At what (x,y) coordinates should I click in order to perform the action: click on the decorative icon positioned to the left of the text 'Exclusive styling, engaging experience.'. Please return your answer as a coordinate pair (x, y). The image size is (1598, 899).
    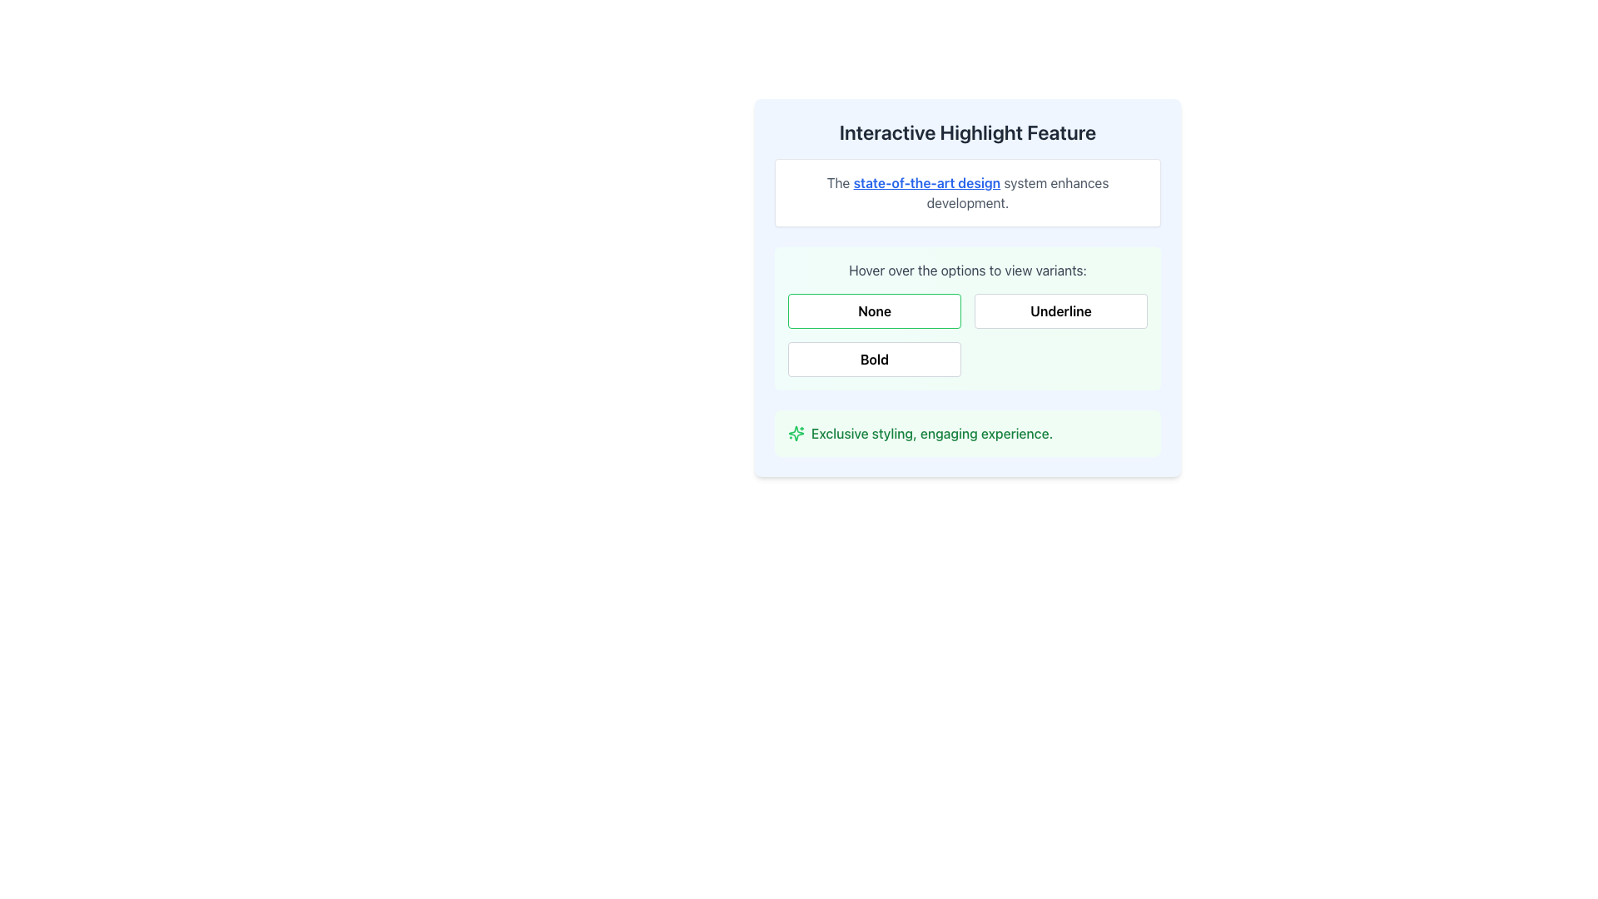
    Looking at the image, I should click on (795, 432).